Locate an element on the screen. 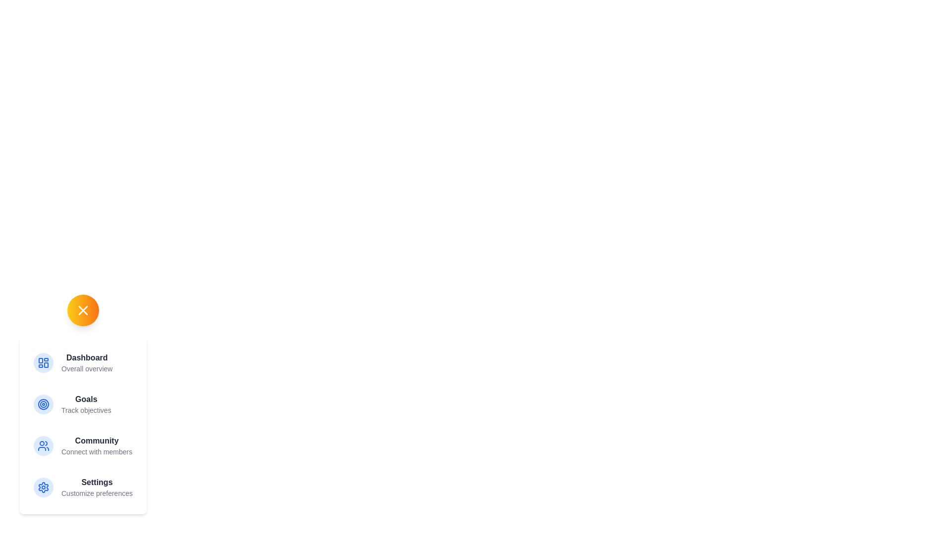  the menu option Goals is located at coordinates (83, 404).